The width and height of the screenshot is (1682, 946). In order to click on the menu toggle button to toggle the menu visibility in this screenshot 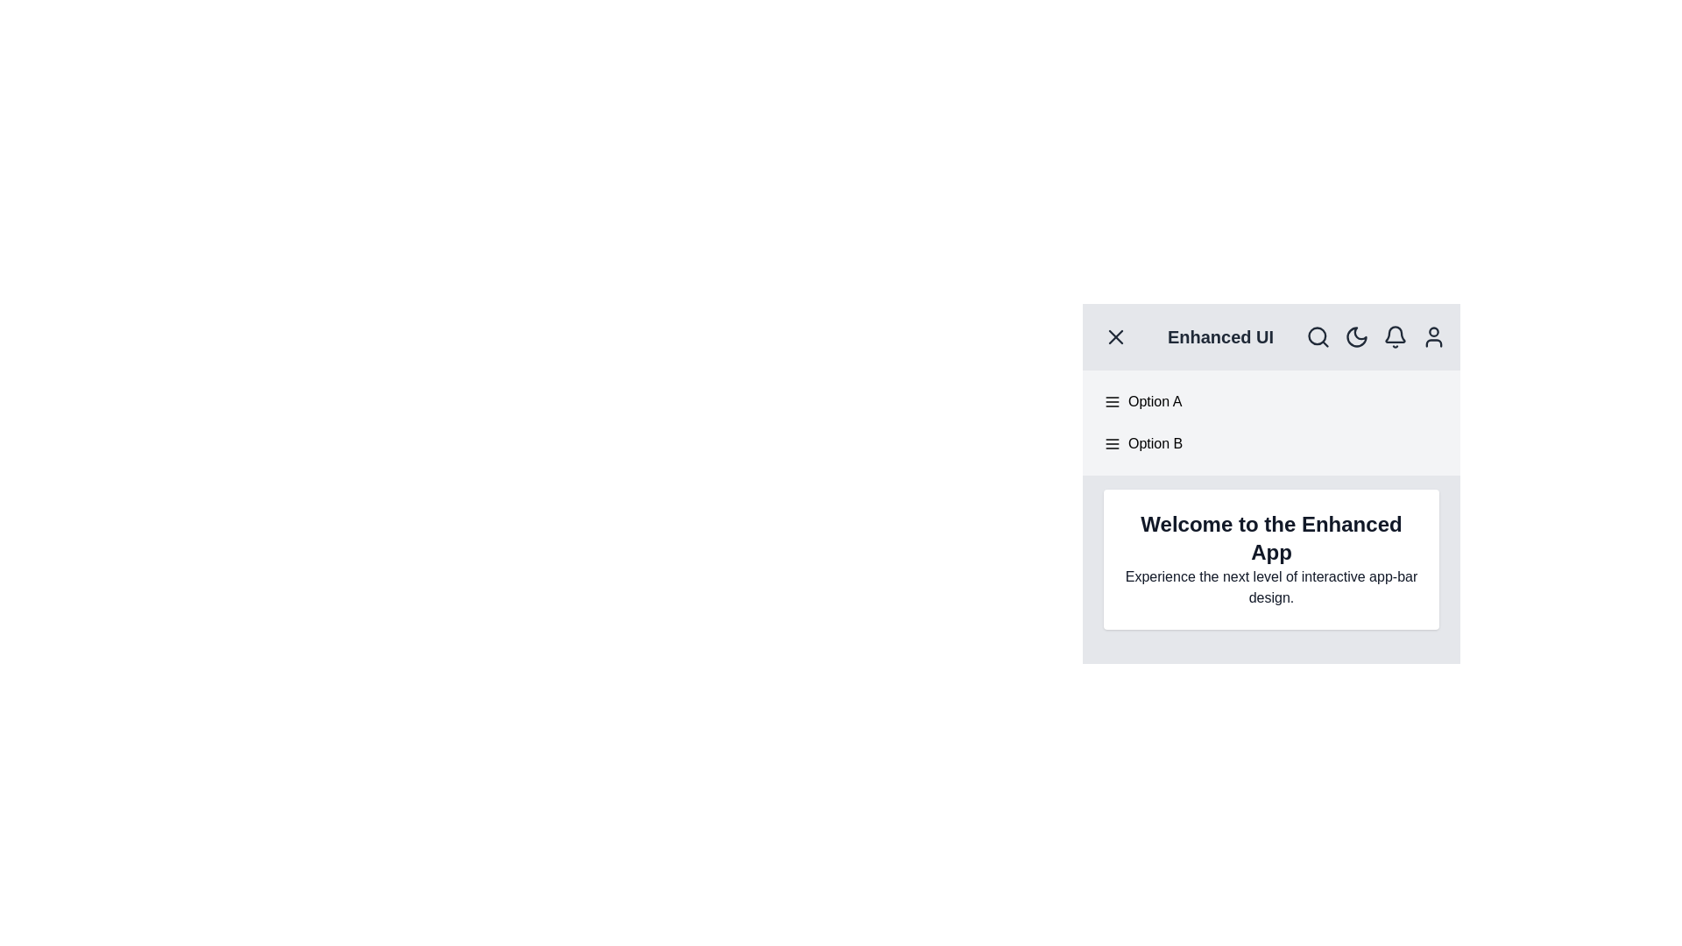, I will do `click(1114, 337)`.